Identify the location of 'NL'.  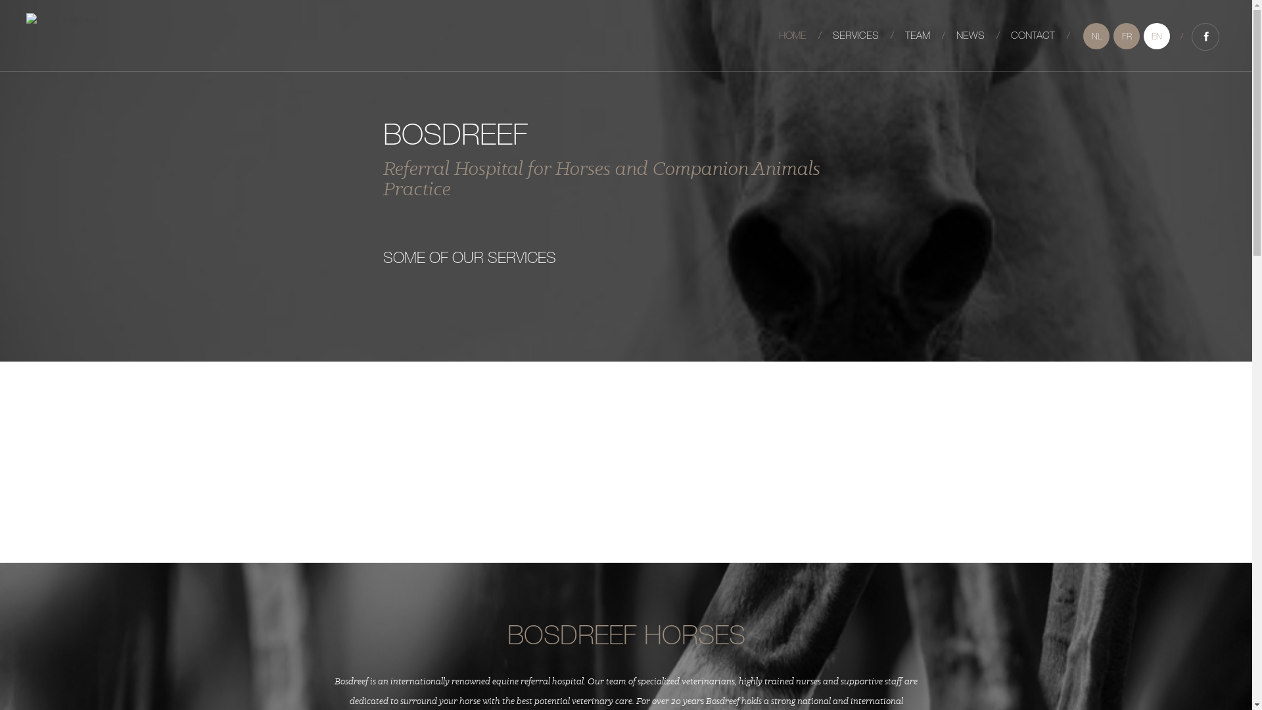
(1083, 35).